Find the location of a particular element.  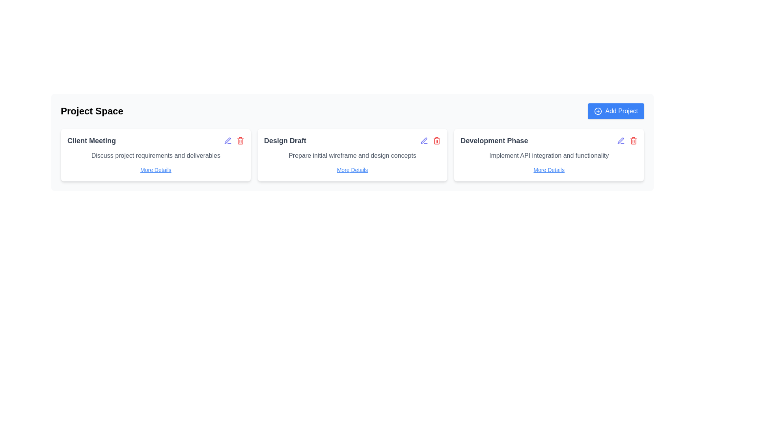

the Edit icon located in the top-right corner of the 'Development Phase' card to initiate editing is located at coordinates (626, 140).